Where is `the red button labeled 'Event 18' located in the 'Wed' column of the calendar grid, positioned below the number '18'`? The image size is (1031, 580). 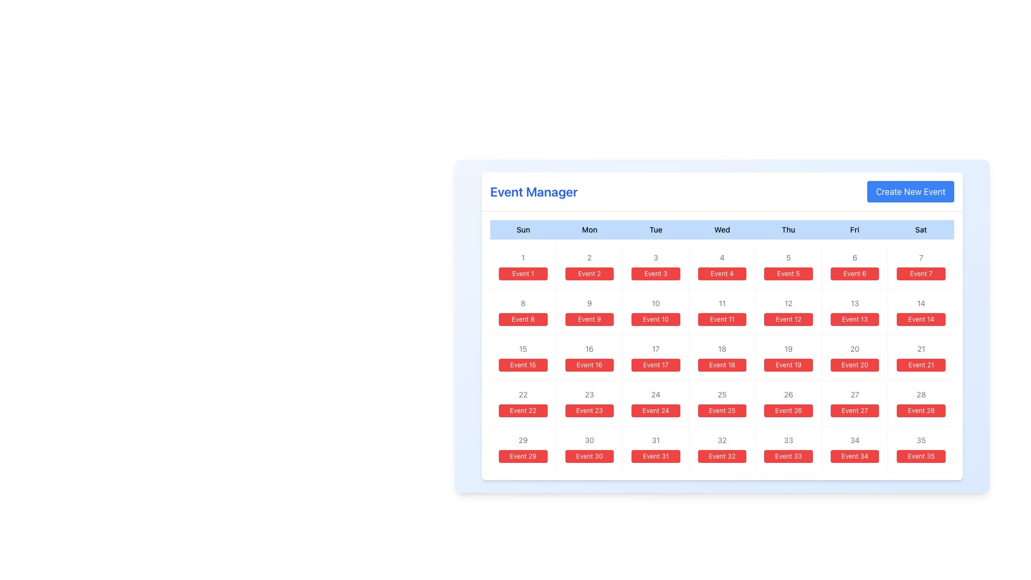 the red button labeled 'Event 18' located in the 'Wed' column of the calendar grid, positioned below the number '18' is located at coordinates (722, 364).